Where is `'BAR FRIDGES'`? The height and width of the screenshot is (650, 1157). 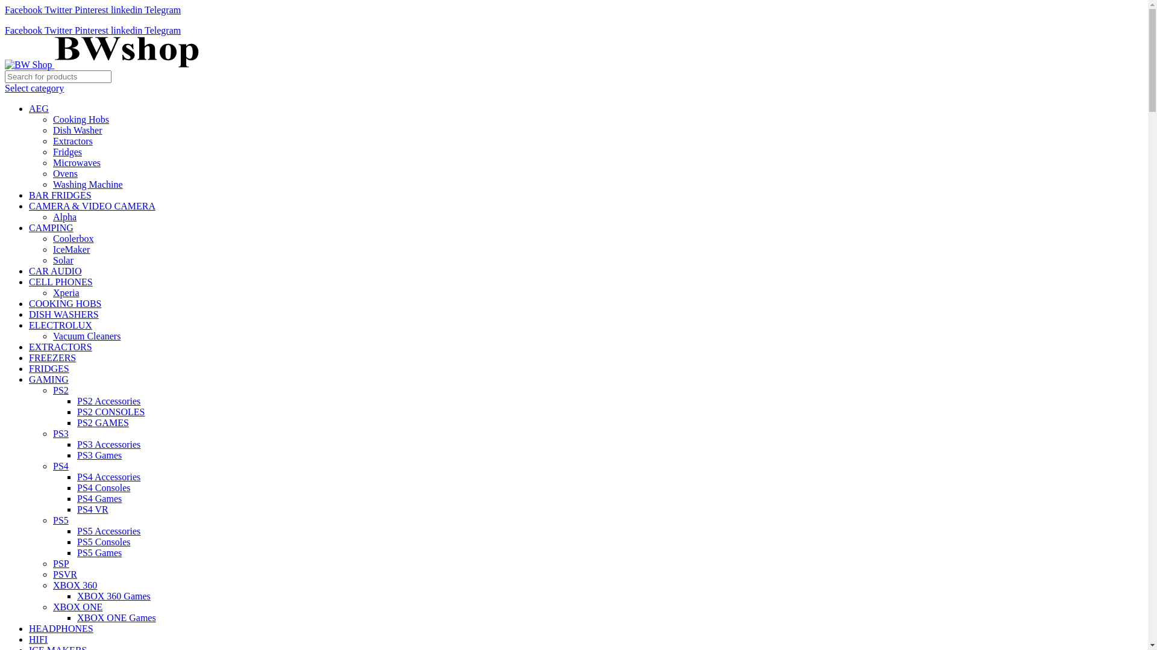 'BAR FRIDGES' is located at coordinates (60, 194).